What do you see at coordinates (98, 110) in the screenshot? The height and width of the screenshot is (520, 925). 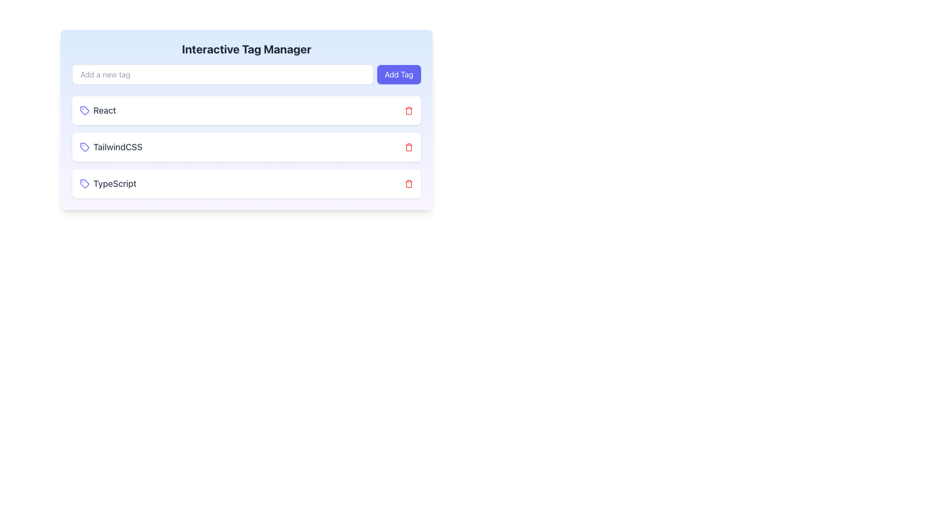 I see `the 'React' label with icon, which is the first tag in the vertical list within the first card of the tag list` at bounding box center [98, 110].